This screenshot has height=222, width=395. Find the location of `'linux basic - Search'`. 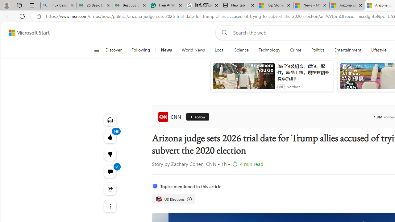

'linux basic - Search' is located at coordinates (59, 5).